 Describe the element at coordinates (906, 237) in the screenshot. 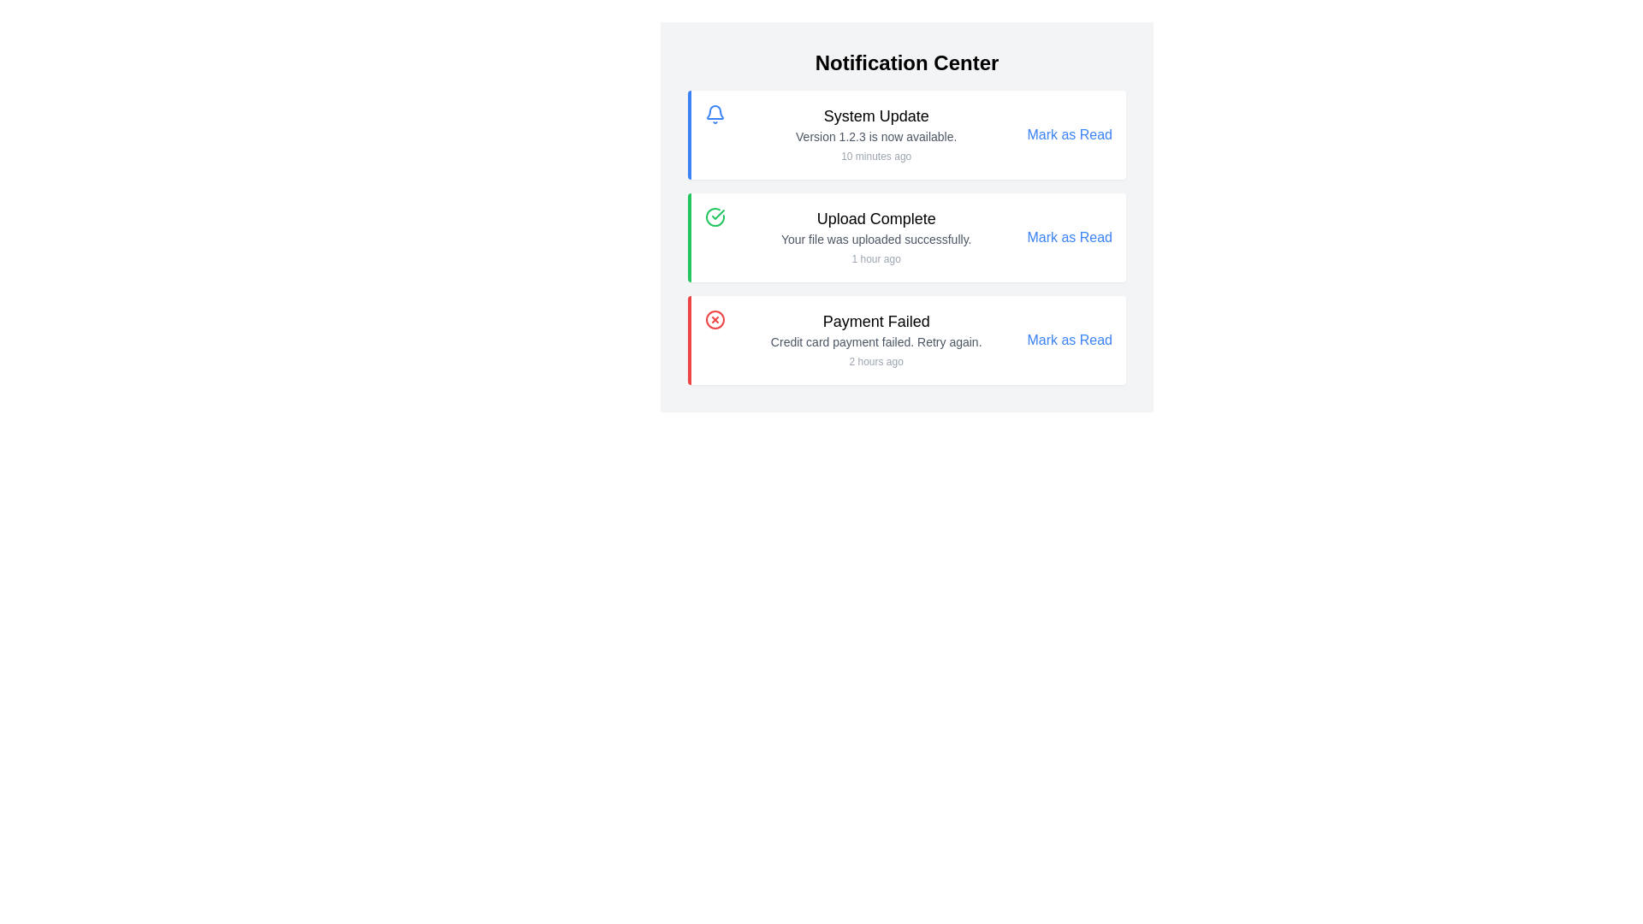

I see `the success notification card indicating a completed file upload, which is the second item in the notification list` at that location.